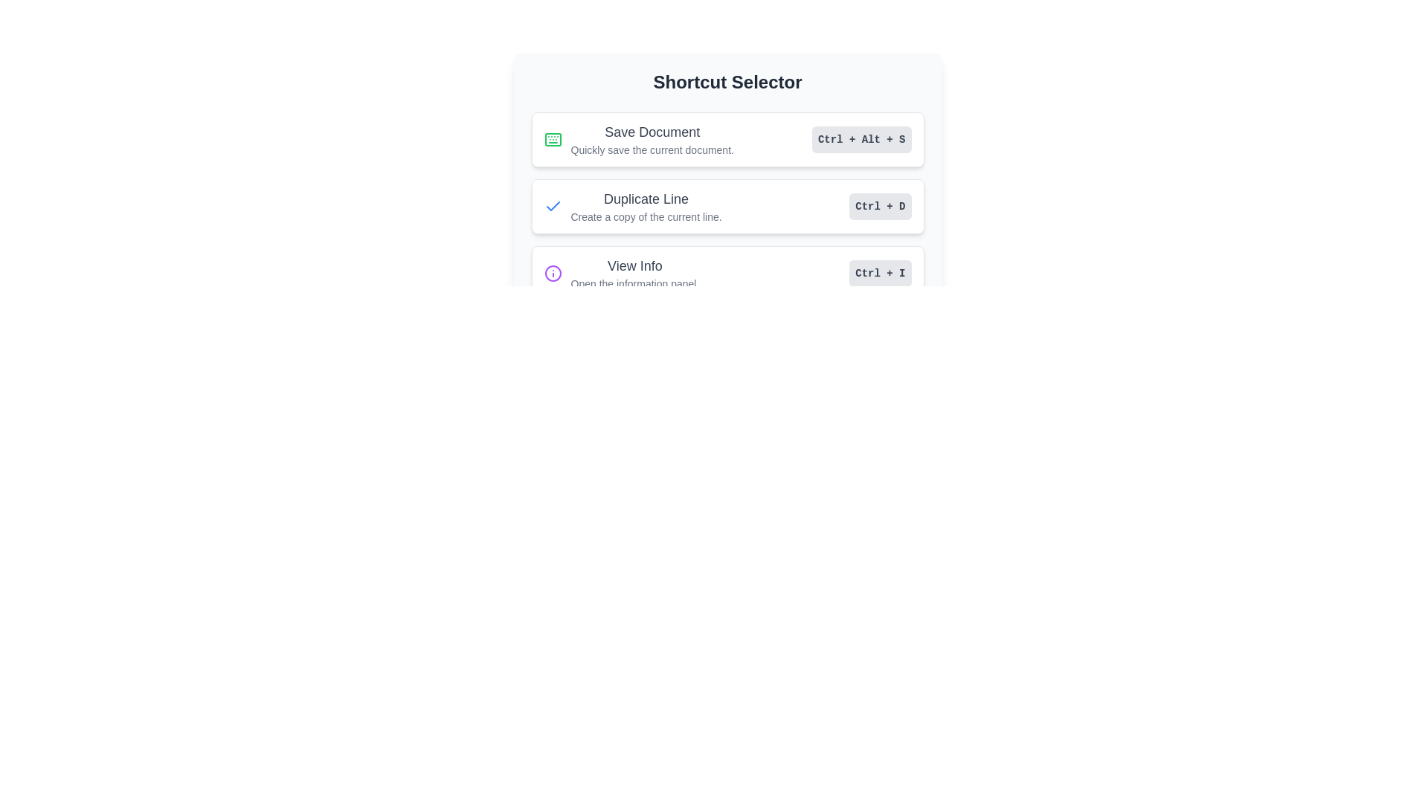  I want to click on the second line of text in the 'Duplicate Line' list item, which describes the functionality of this option, so click(646, 217).